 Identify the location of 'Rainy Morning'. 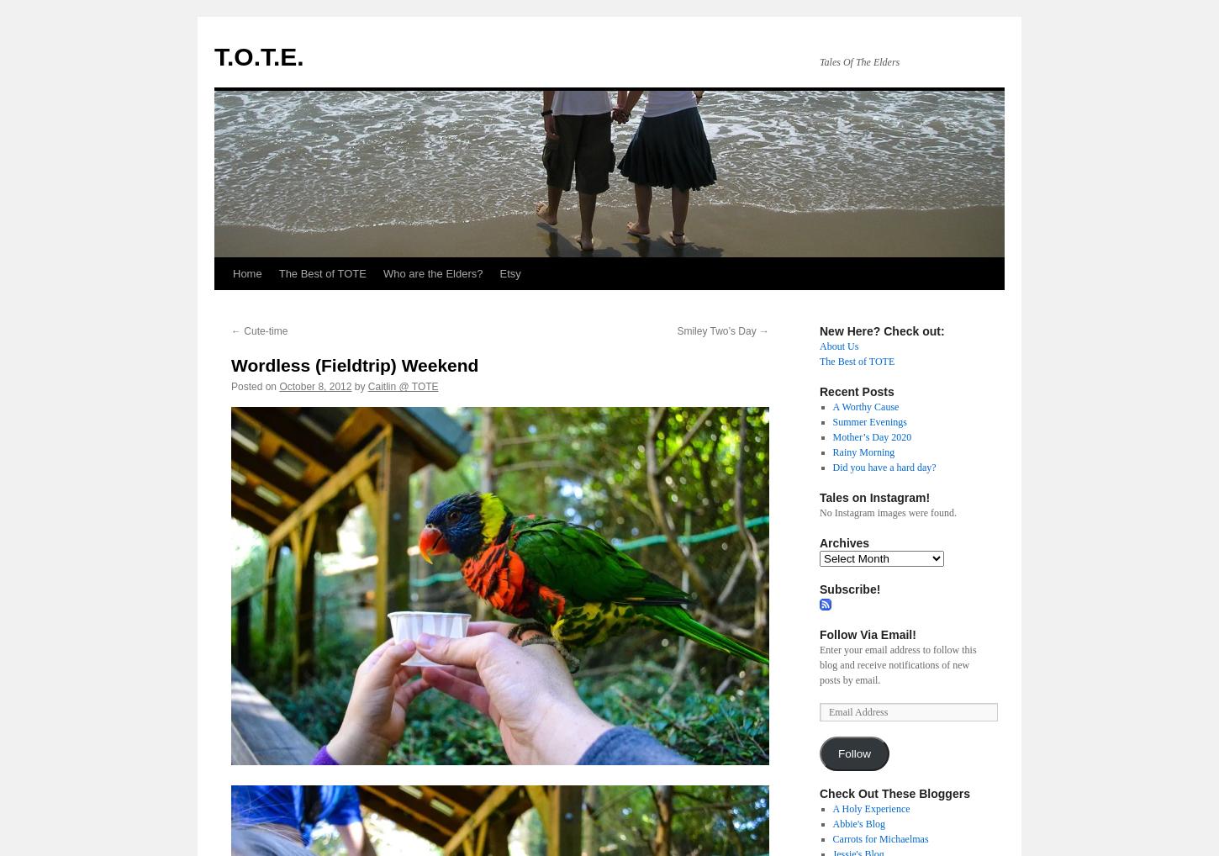
(832, 452).